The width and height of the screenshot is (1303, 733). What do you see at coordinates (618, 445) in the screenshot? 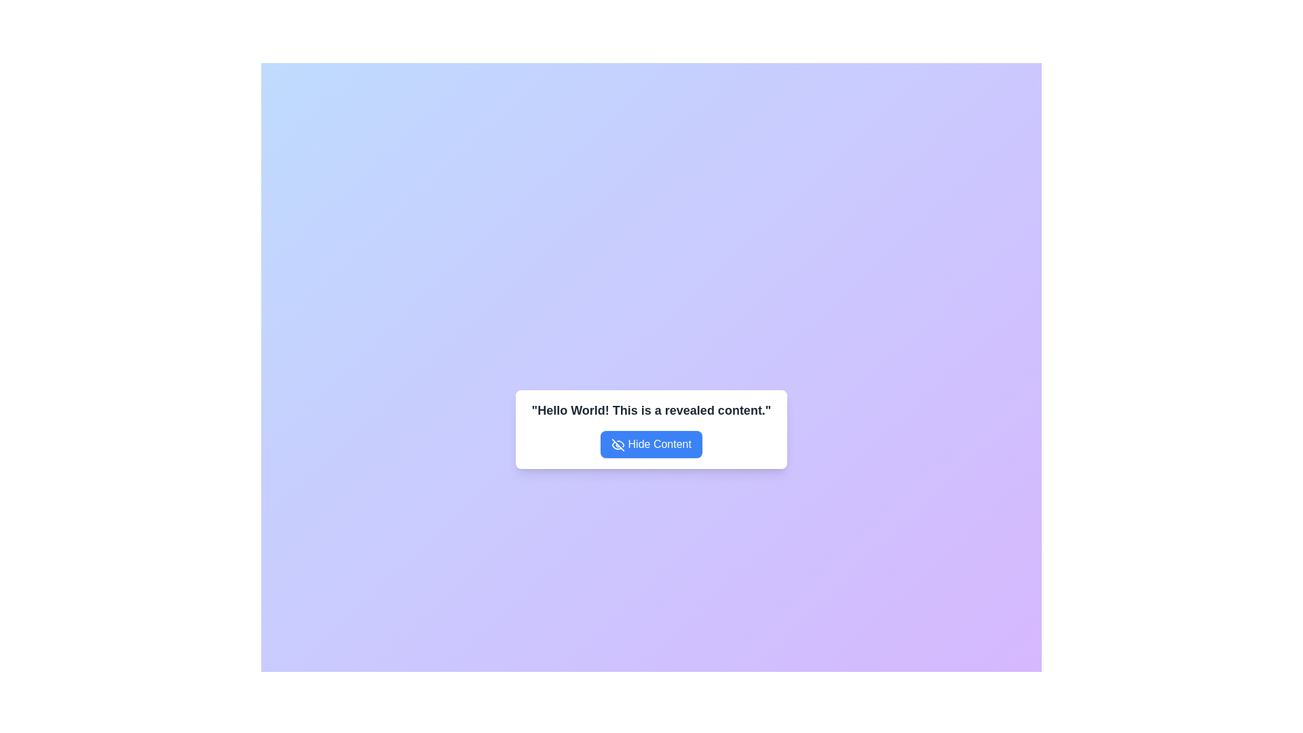
I see `the decorative and functional 'eye-off' icon within the blue 'Hide Content' button` at bounding box center [618, 445].